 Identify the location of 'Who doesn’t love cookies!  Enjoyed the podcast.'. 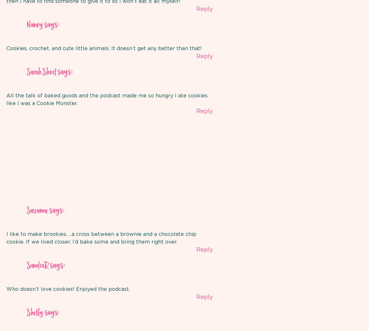
(68, 289).